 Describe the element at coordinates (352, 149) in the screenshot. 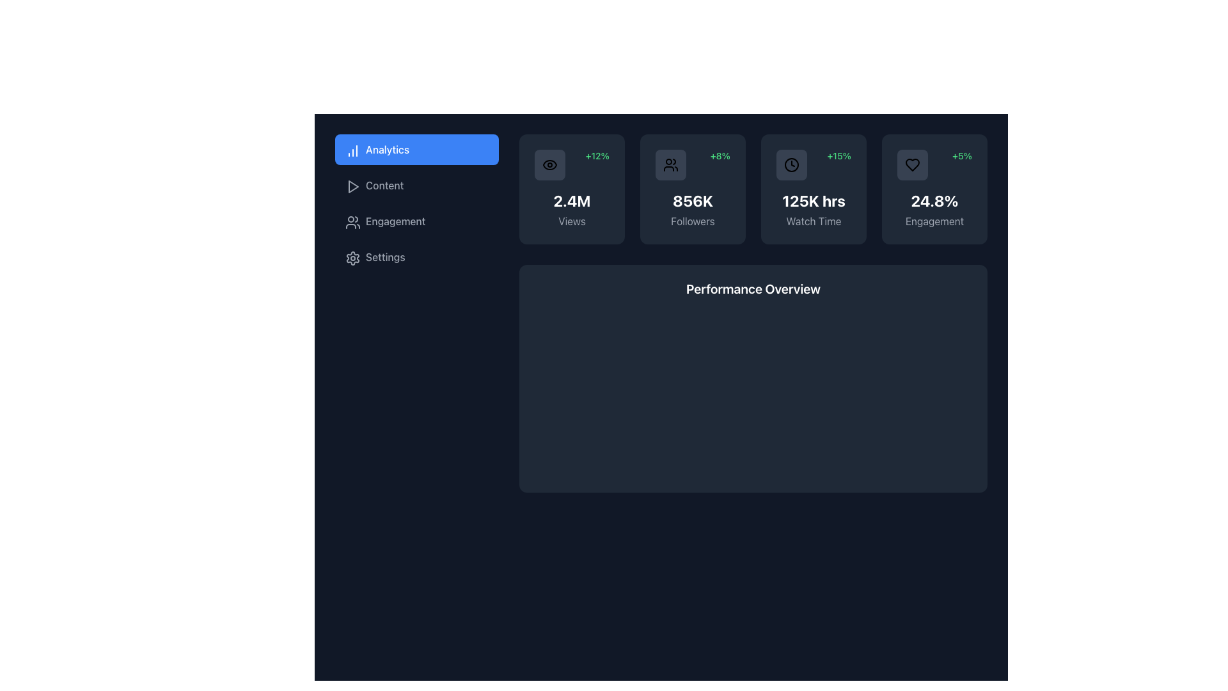

I see `the 'Analytics' icon in the left-hand navigation menu, which is part of an active blue rectangular button` at that location.